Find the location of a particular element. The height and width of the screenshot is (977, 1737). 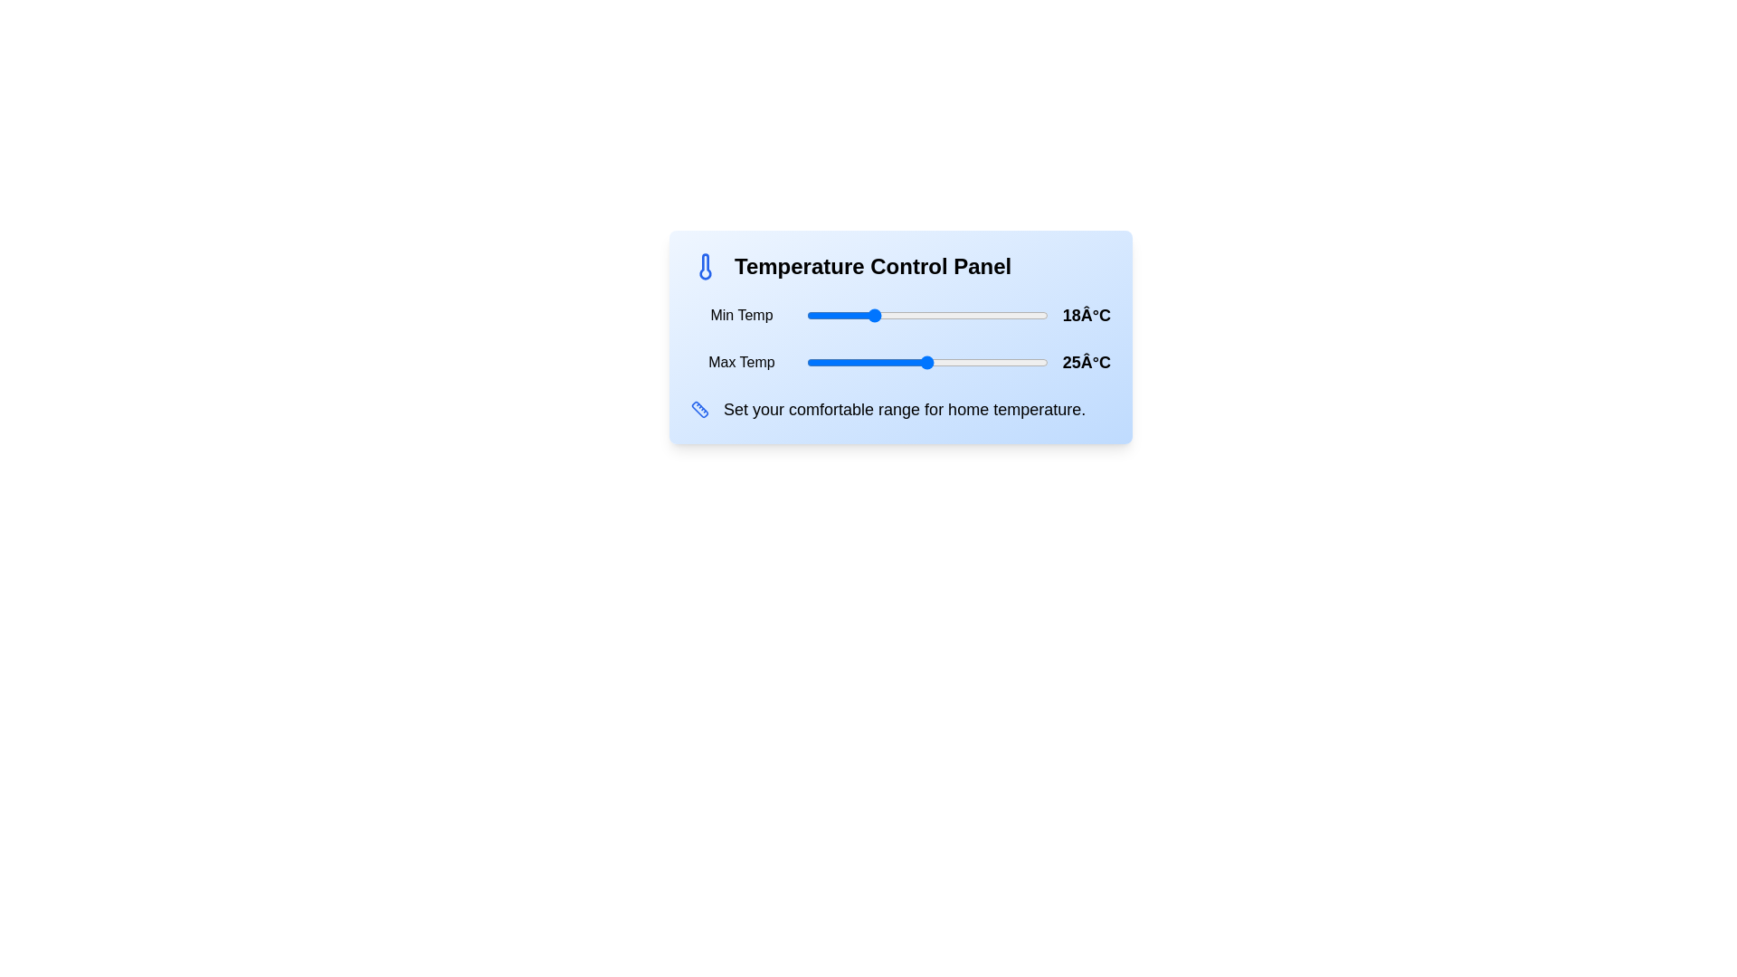

the temperature slider to set the temperature to 17°C is located at coordinates (862, 314).